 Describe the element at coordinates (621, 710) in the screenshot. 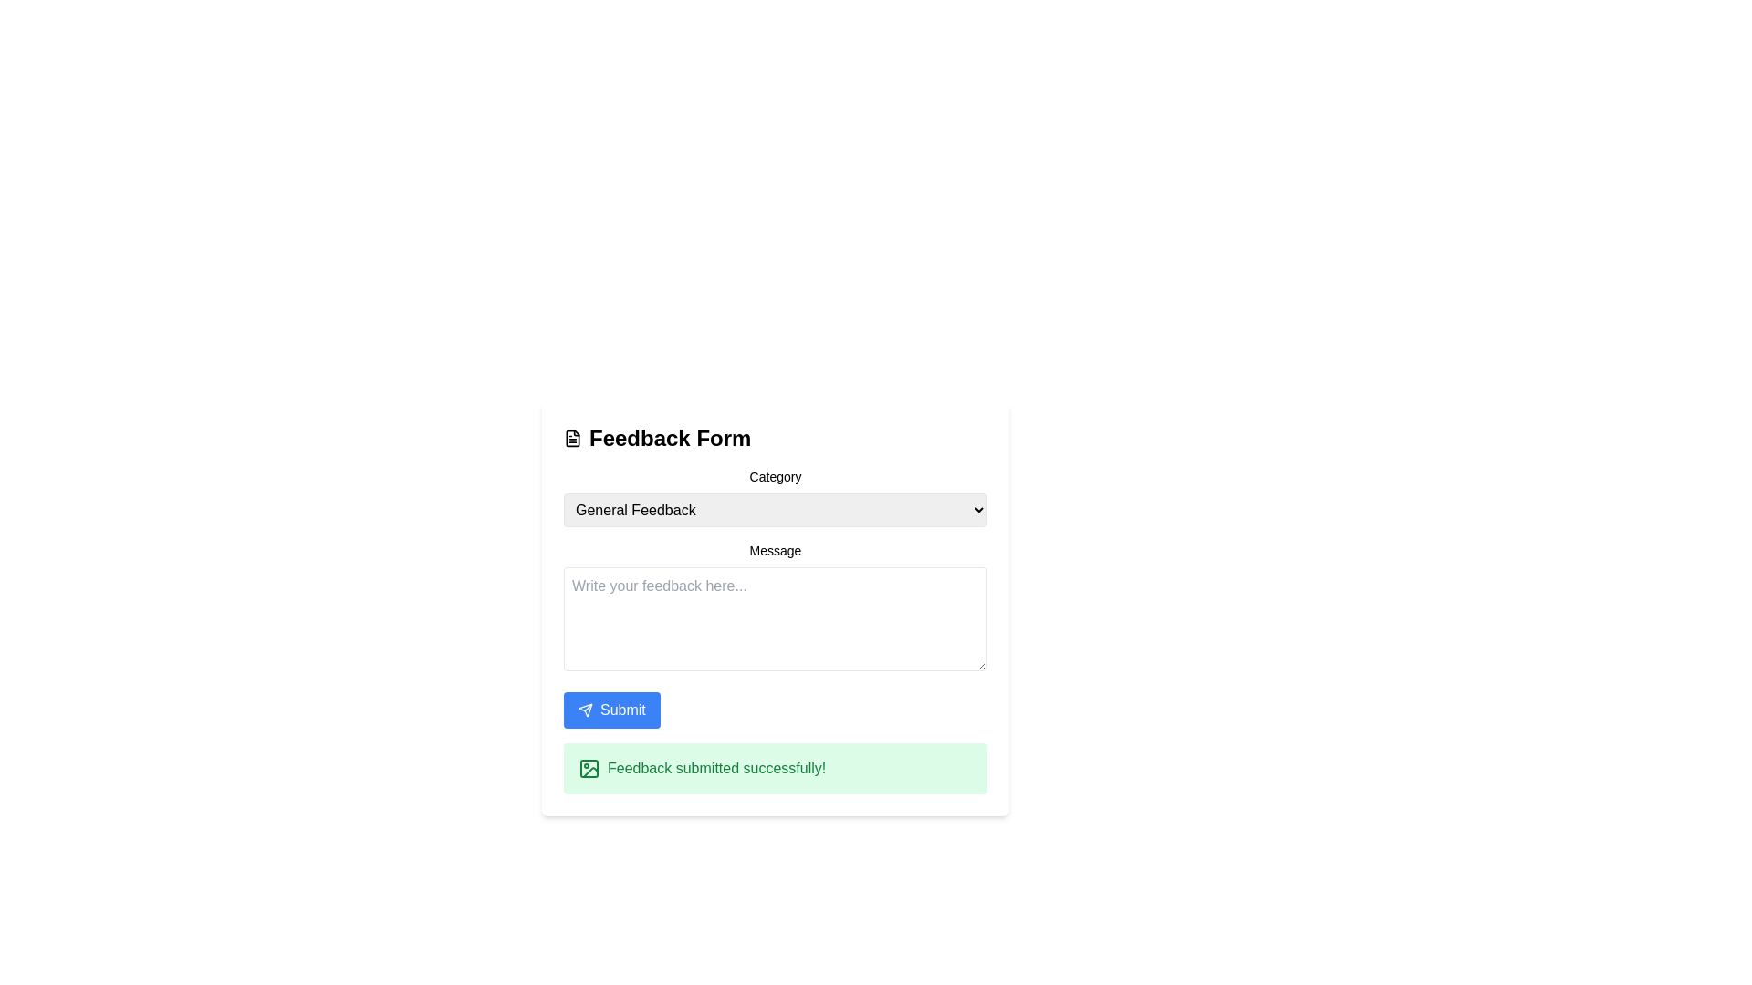

I see `the button that submits the form data, as indicated by the adjacent text label located at the bottom of the feedback form` at that location.